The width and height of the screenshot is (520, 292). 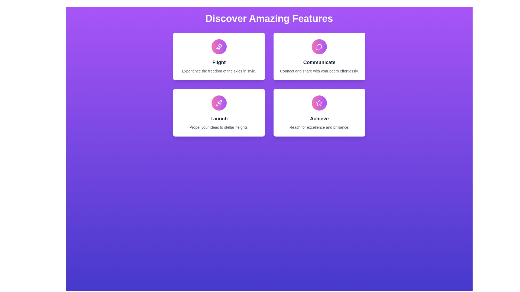 What do you see at coordinates (219, 127) in the screenshot?
I see `the descriptive tagline text element located beneath the word 'Launch' on the white card in the bottom left quadrant of the interface` at bounding box center [219, 127].